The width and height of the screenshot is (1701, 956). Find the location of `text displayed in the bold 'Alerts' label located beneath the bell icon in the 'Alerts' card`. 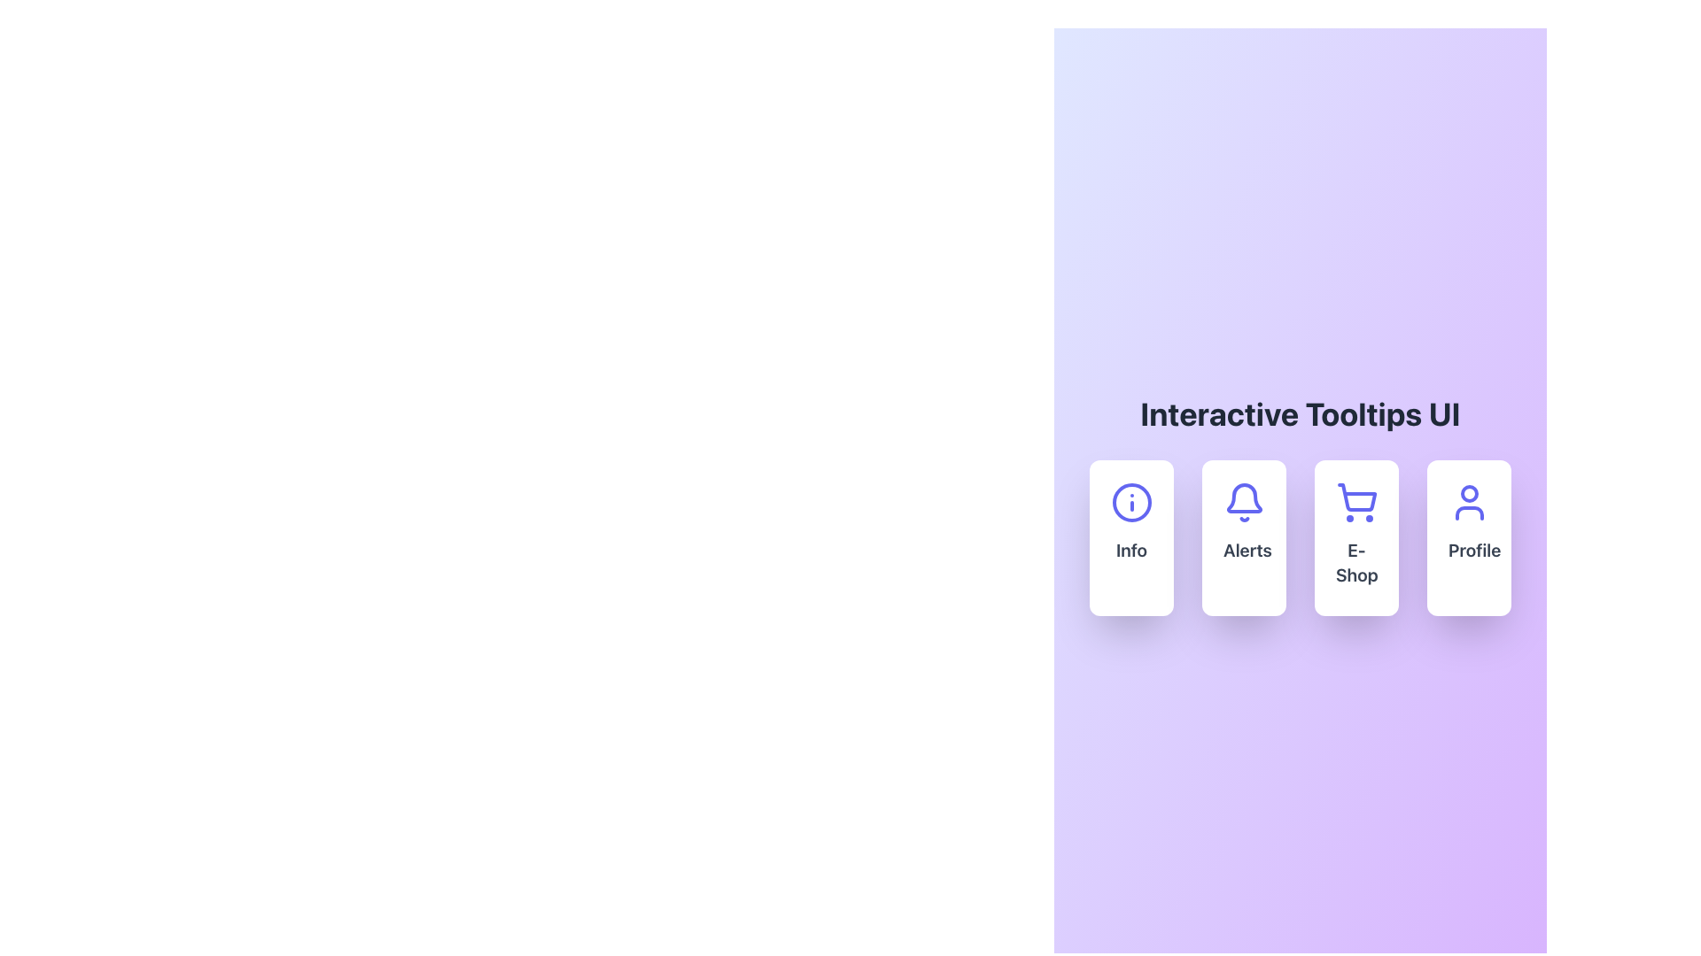

text displayed in the bold 'Alerts' label located beneath the bell icon in the 'Alerts' card is located at coordinates (1243, 549).